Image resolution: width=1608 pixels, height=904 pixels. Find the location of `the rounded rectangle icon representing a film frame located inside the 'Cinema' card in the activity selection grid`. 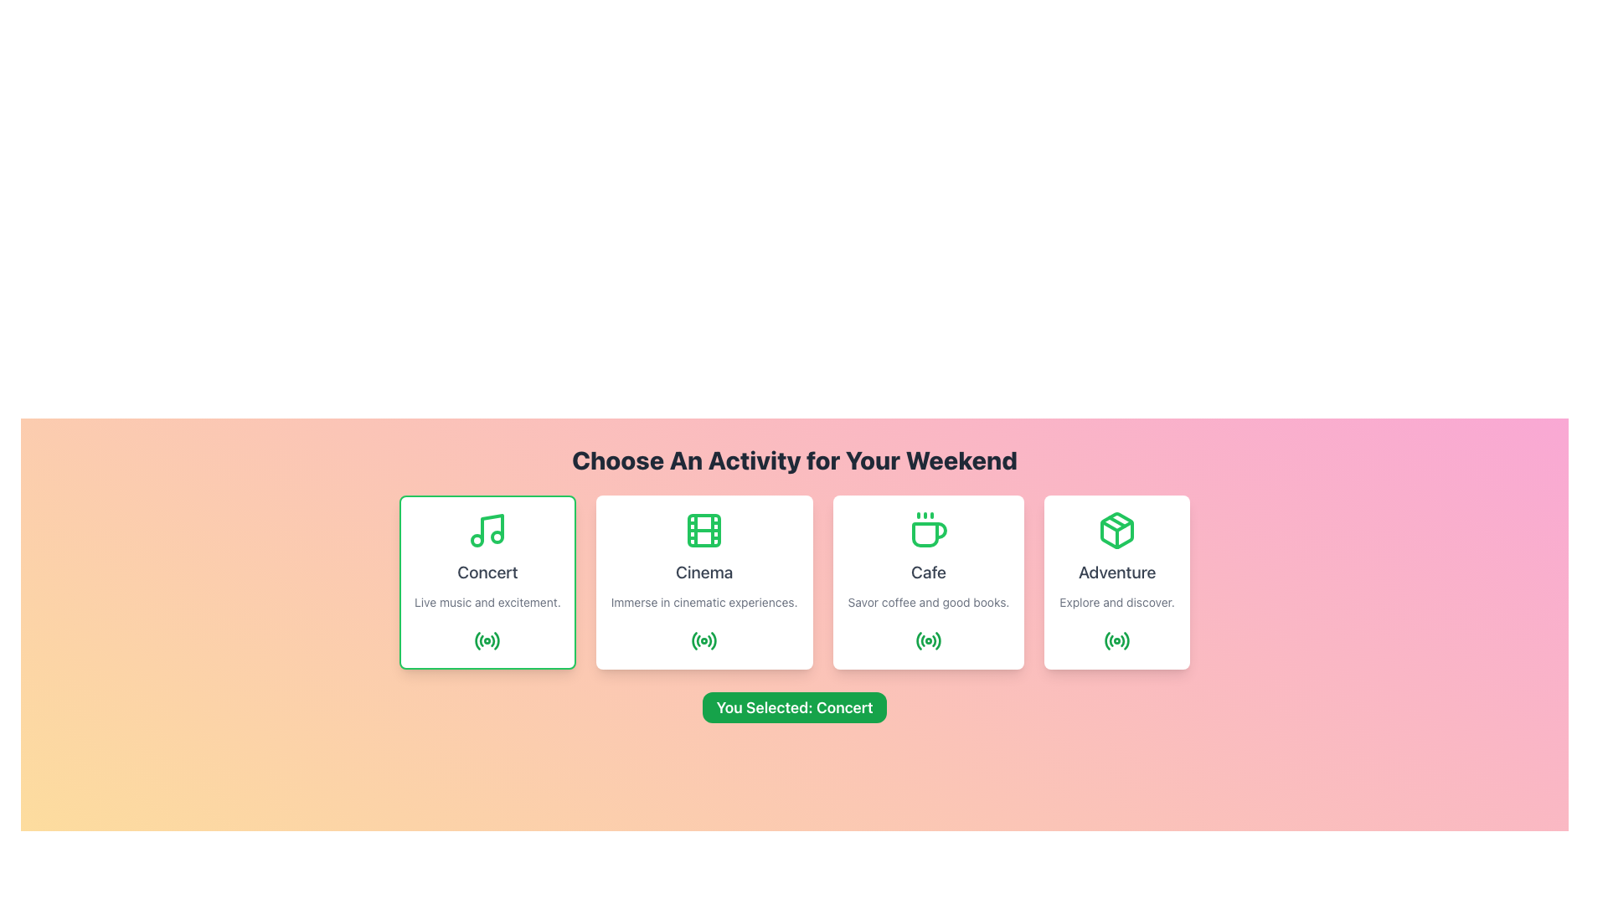

the rounded rectangle icon representing a film frame located inside the 'Cinema' card in the activity selection grid is located at coordinates (704, 530).